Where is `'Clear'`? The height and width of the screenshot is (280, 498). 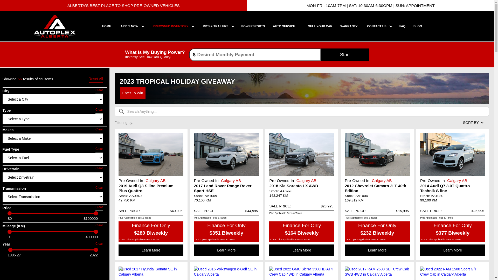 'Clear' is located at coordinates (99, 188).